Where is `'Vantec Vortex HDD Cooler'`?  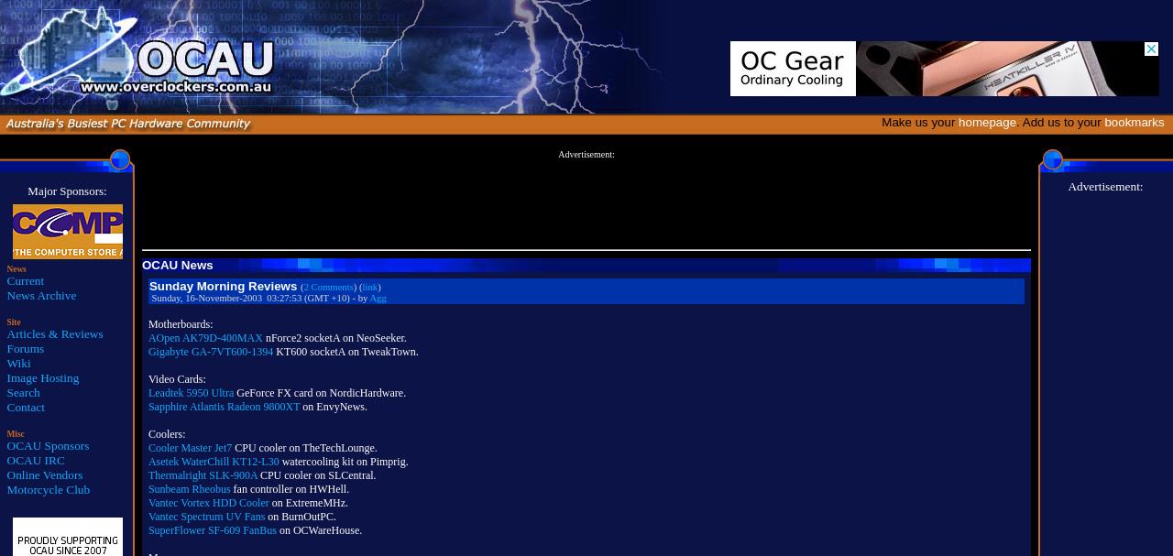
'Vantec Vortex HDD Cooler' is located at coordinates (207, 502).